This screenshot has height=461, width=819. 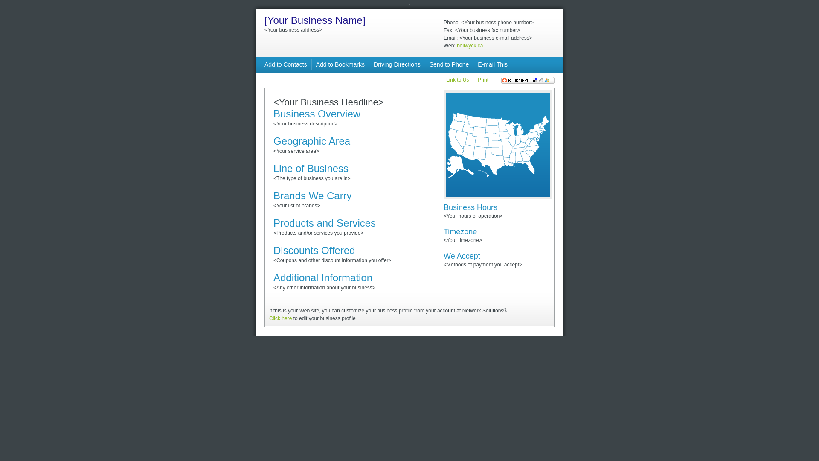 What do you see at coordinates (340, 64) in the screenshot?
I see `'Add to Bookmarks'` at bounding box center [340, 64].